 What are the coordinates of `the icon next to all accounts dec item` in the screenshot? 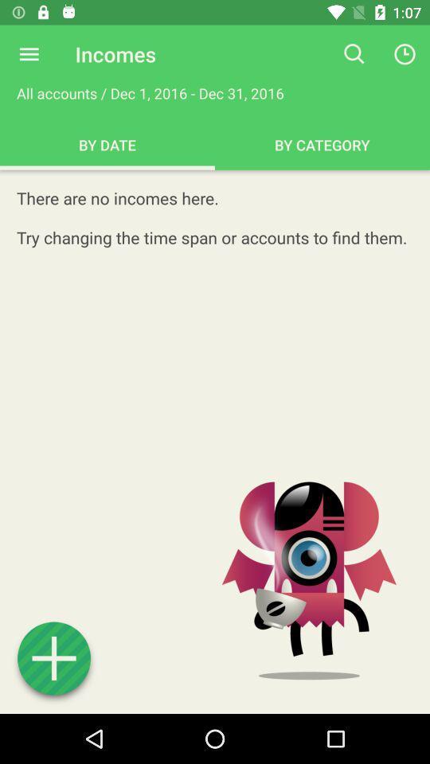 It's located at (354, 54).